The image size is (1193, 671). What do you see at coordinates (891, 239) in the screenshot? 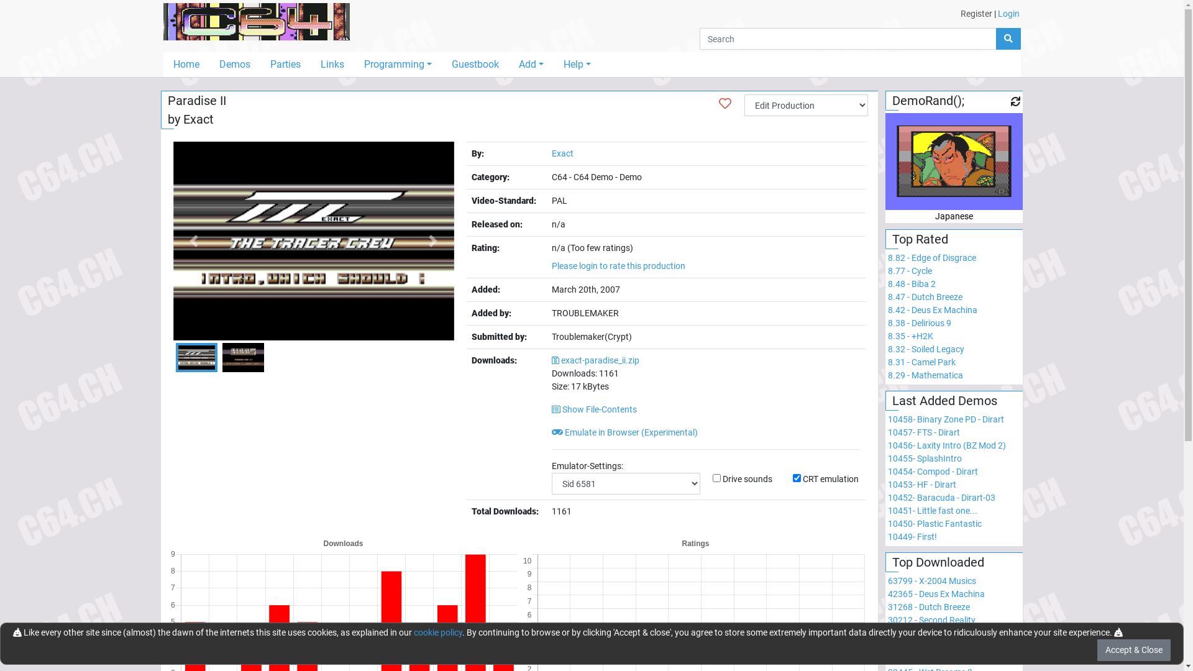
I see `'Top Rated'` at bounding box center [891, 239].